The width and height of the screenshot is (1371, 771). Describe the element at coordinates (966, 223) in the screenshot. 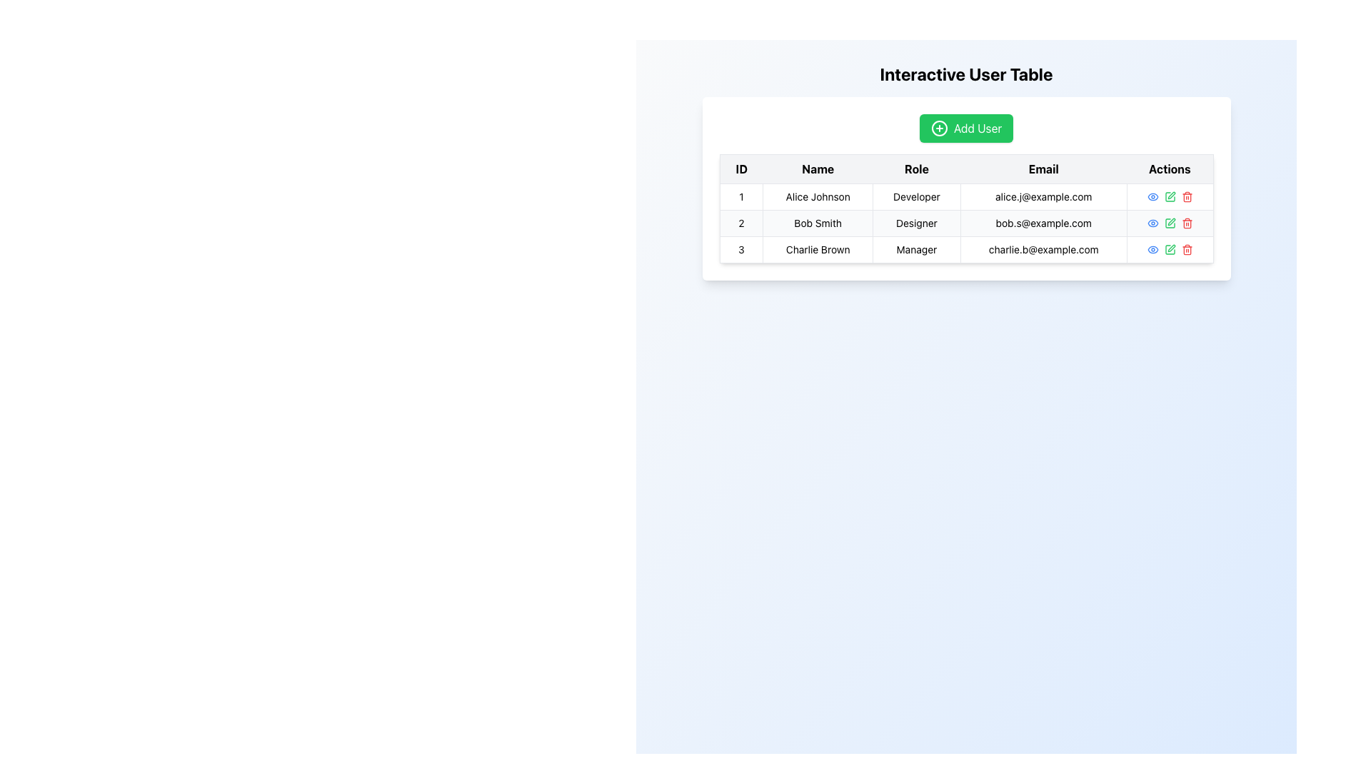

I see `the second table row displaying details for user Bob Smith` at that location.